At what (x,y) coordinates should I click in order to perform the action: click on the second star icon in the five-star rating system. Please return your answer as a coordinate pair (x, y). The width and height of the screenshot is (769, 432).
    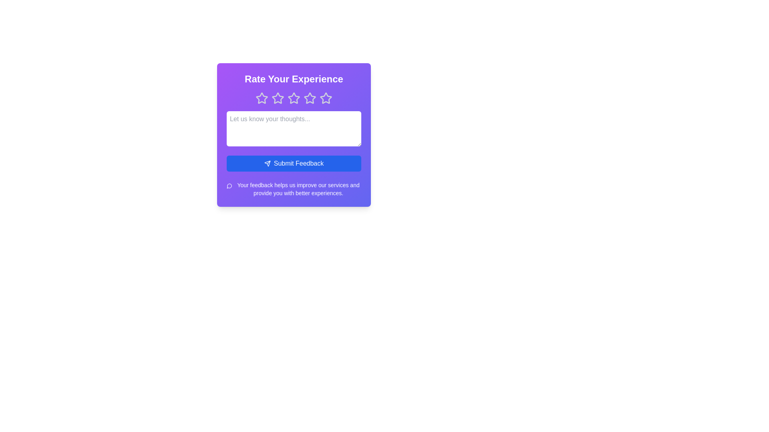
    Looking at the image, I should click on (278, 98).